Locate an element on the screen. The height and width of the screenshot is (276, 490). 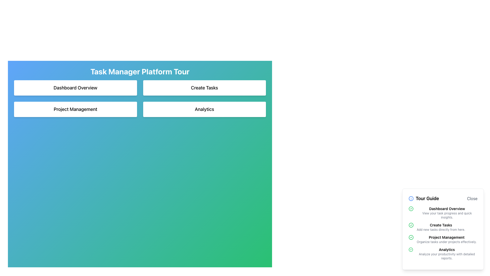
the Text block that provides a description about the 'Analytics' feature, located below the 'Tour Guide' heading in the right panel is located at coordinates (447, 254).